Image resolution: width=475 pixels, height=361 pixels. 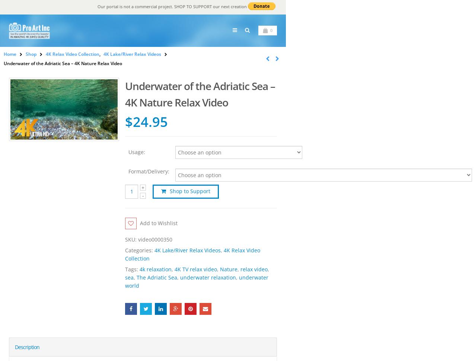 What do you see at coordinates (146, 121) in the screenshot?
I see `'$24.95'` at bounding box center [146, 121].